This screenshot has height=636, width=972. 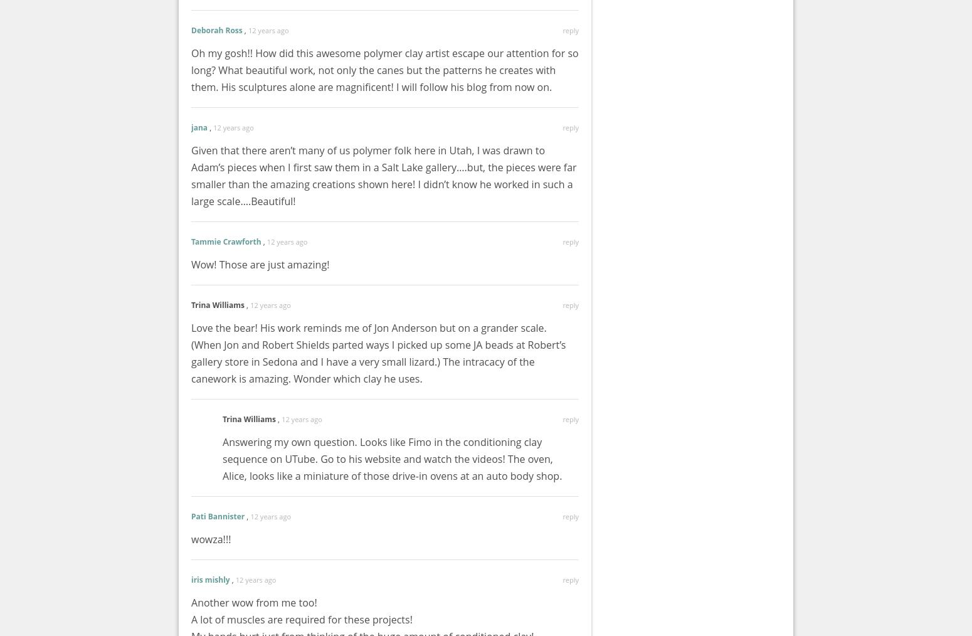 What do you see at coordinates (225, 241) in the screenshot?
I see `'Tammie Crawforth'` at bounding box center [225, 241].